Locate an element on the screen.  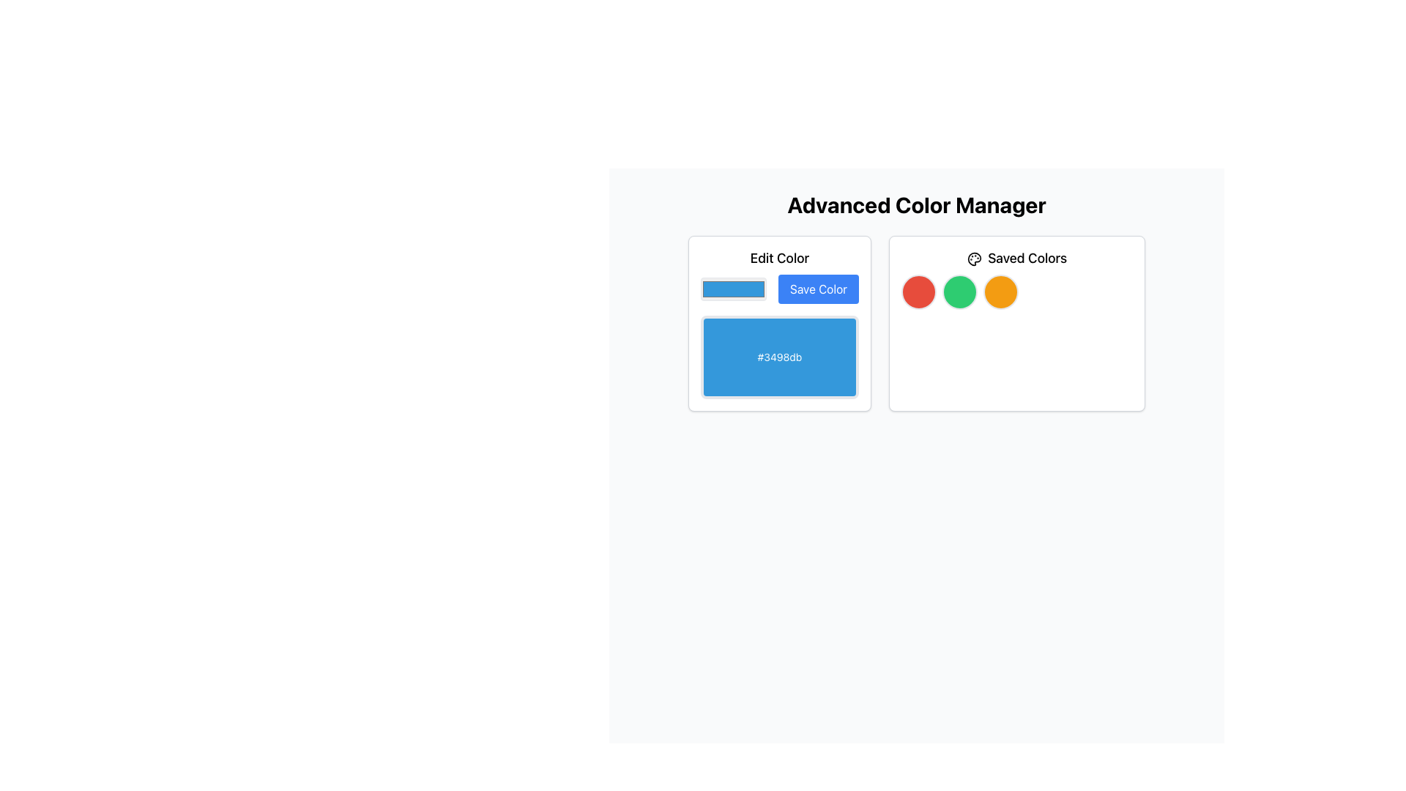
the first circular color sample in the 'Saved Colors' section, which is characterized by a bright red fill and a gray border is located at coordinates (918, 291).